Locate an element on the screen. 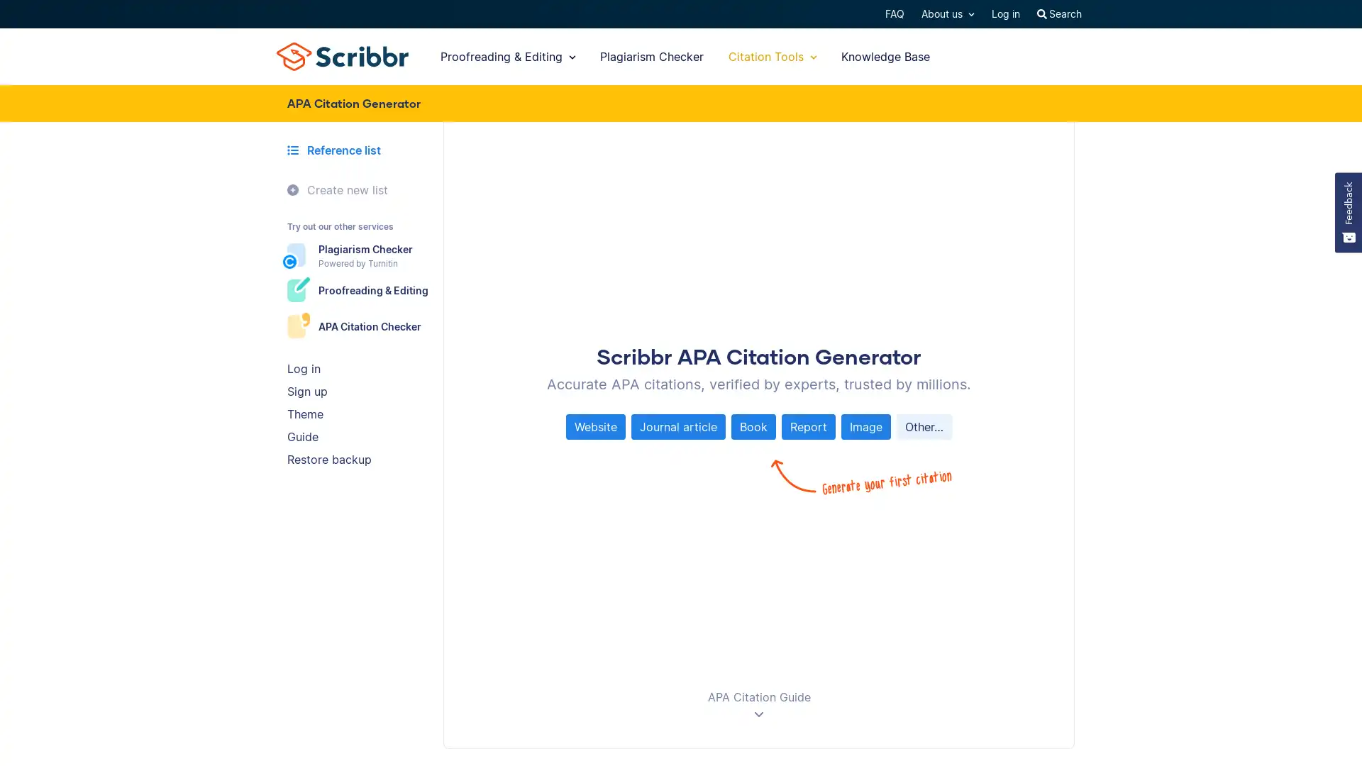 This screenshot has width=1362, height=766. Create new list is located at coordinates (360, 189).